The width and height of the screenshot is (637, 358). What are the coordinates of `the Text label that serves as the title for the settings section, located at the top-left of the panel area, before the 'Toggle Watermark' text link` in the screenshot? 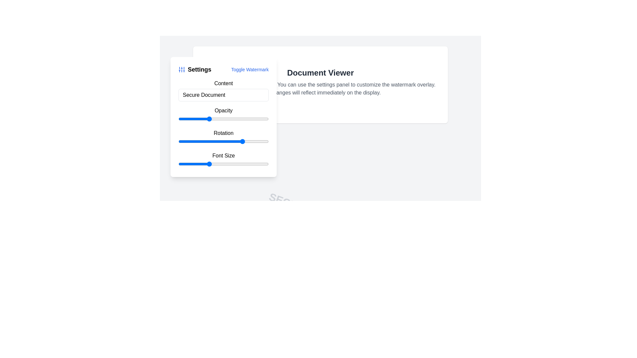 It's located at (194, 69).